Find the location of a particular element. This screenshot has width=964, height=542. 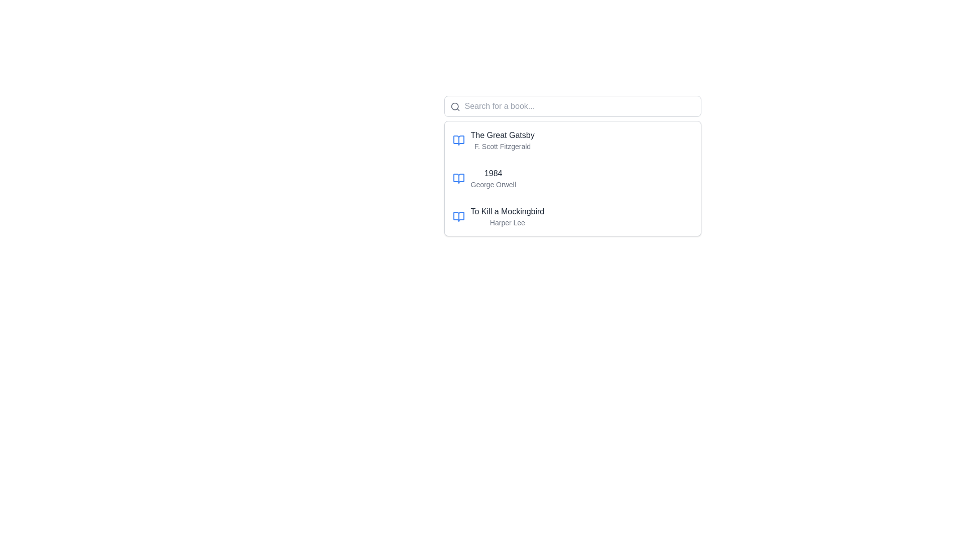

the title and author text element of the first book entry in the list, which is prominently styled with a bold title and a smaller author's name beneath it is located at coordinates (503, 141).